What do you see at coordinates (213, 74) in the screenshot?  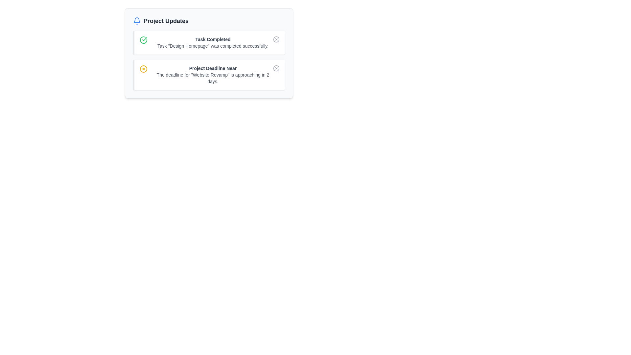 I see `text content displayed in the second notification card of the 'Project Updates' panel, which states 'Project Deadline Near' and describes the approaching deadline for 'Website Revamp'` at bounding box center [213, 74].